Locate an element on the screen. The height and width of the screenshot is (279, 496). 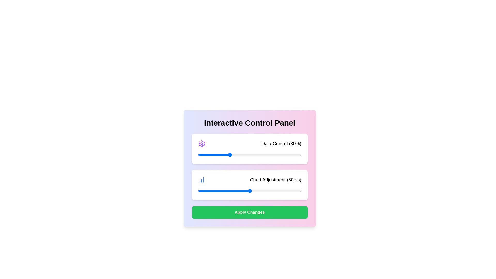
the 'Apply Changes' button to submit the changes is located at coordinates (250, 212).